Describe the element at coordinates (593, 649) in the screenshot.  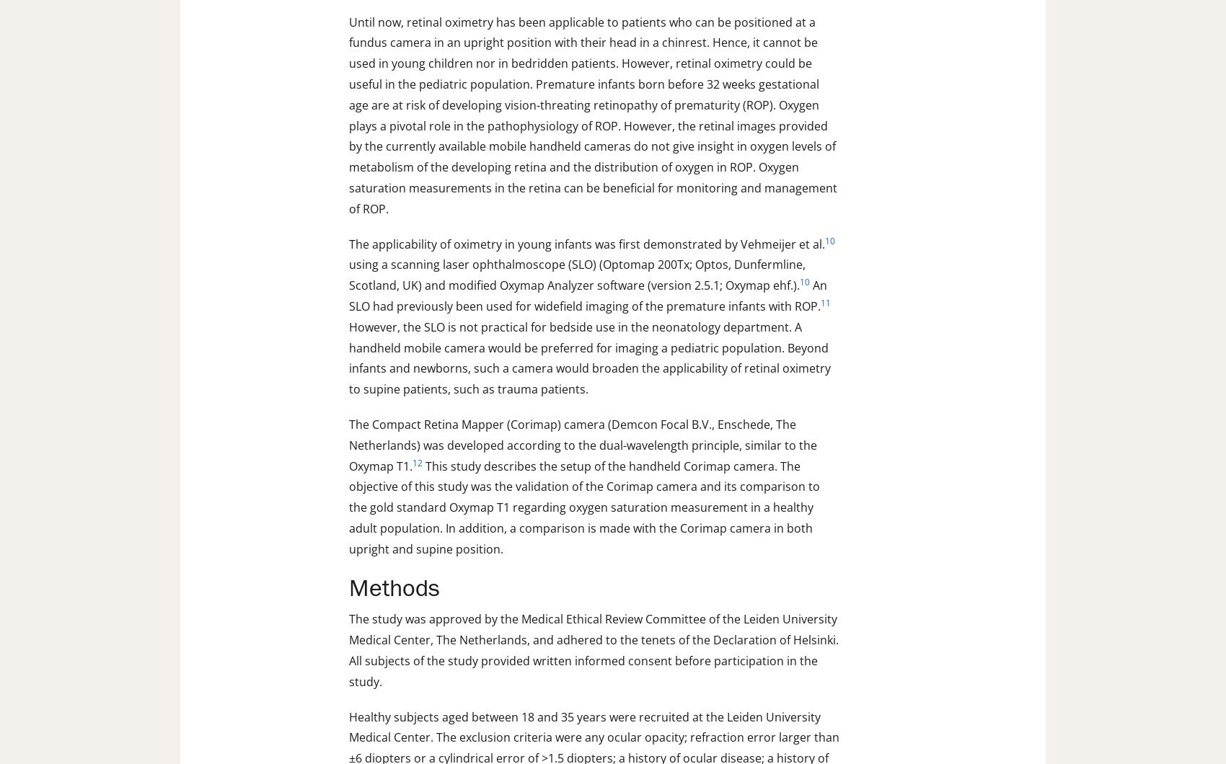
I see `'The study was approved by the Medical Ethical Review Committee of the Leiden University Medical Center, The Netherlands, and adhered to the tenets of the Declaration of Helsinki. All subjects of the study provided written informed consent before participation in the study.'` at that location.